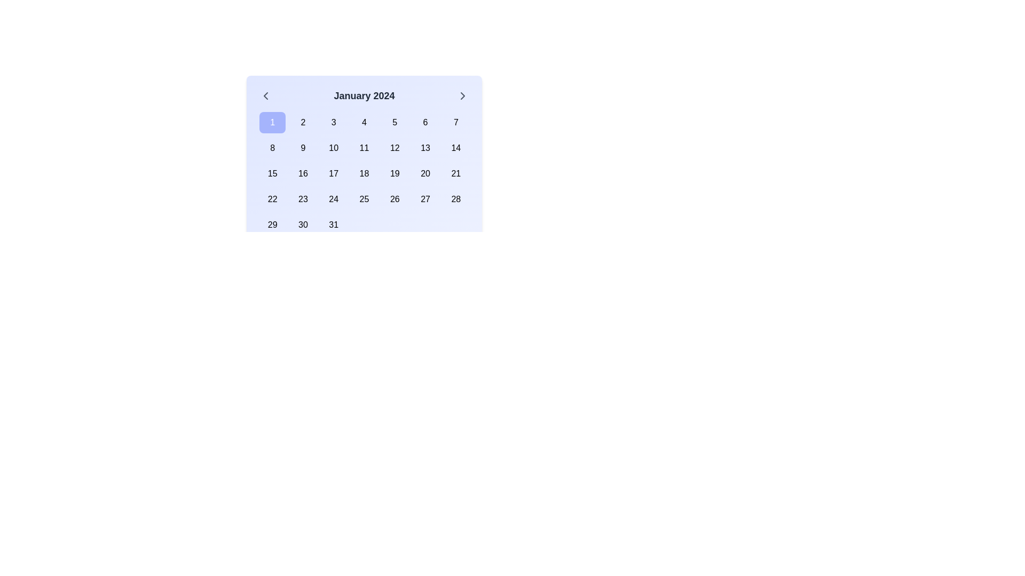 This screenshot has width=1025, height=576. What do you see at coordinates (456, 148) in the screenshot?
I see `the calendar day cell displaying the number '14'` at bounding box center [456, 148].